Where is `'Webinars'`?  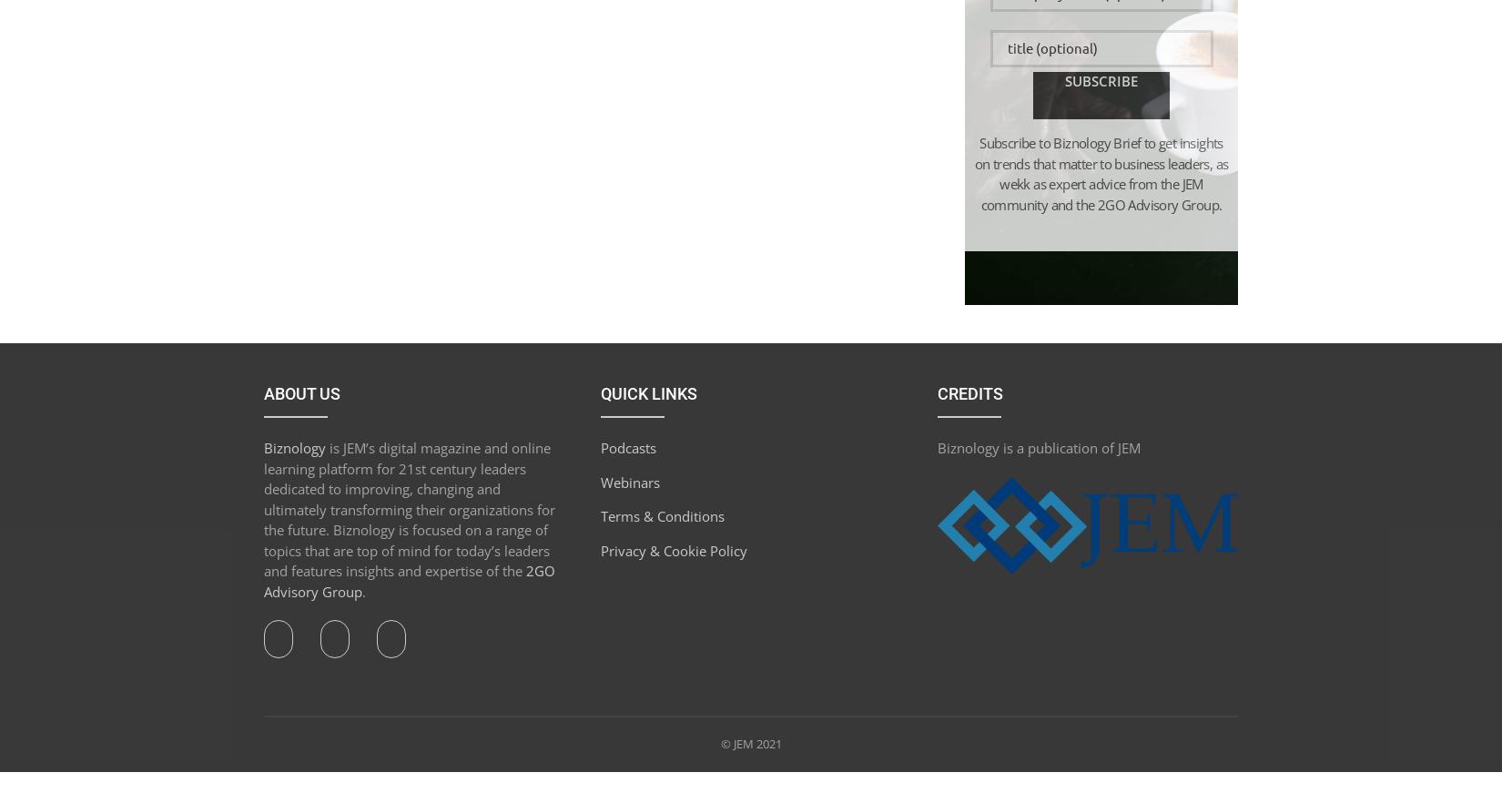 'Webinars' is located at coordinates (628, 481).